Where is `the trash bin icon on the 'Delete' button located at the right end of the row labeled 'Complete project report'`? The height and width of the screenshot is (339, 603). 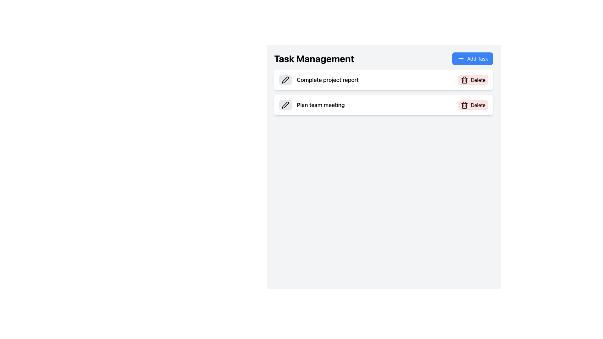
the trash bin icon on the 'Delete' button located at the right end of the row labeled 'Complete project report' is located at coordinates (464, 79).